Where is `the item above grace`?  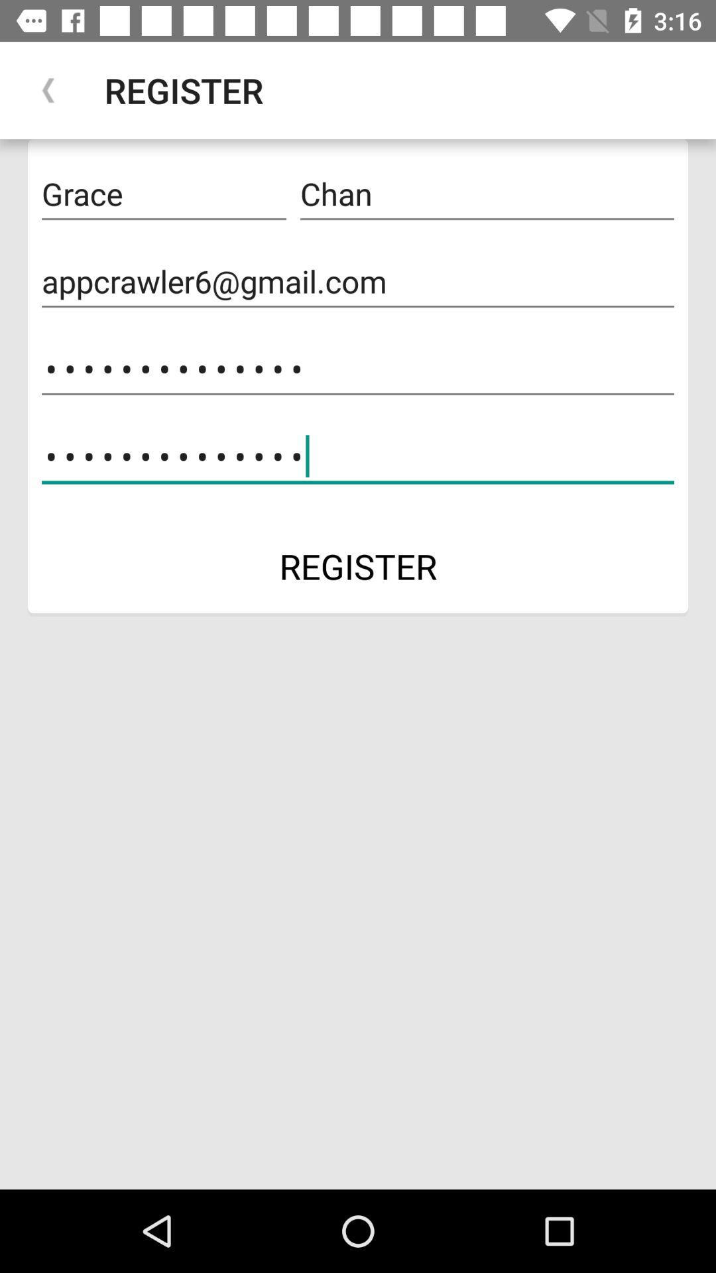 the item above grace is located at coordinates (48, 90).